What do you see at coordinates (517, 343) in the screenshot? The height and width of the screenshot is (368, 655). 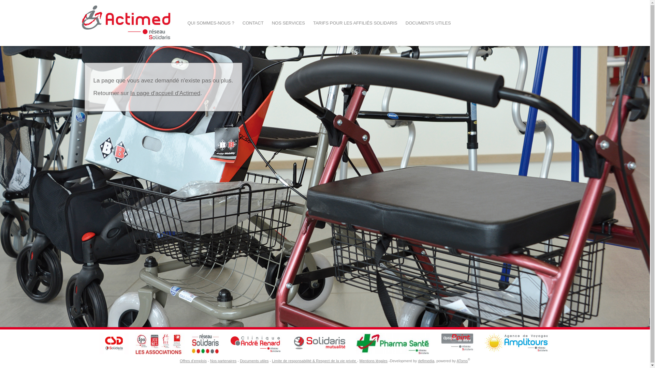 I see `'logo-amplitour'` at bounding box center [517, 343].